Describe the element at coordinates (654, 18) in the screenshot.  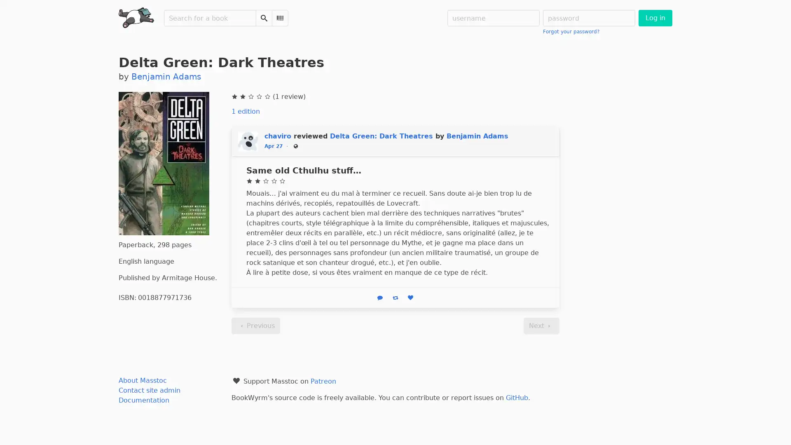
I see `Log in` at that location.